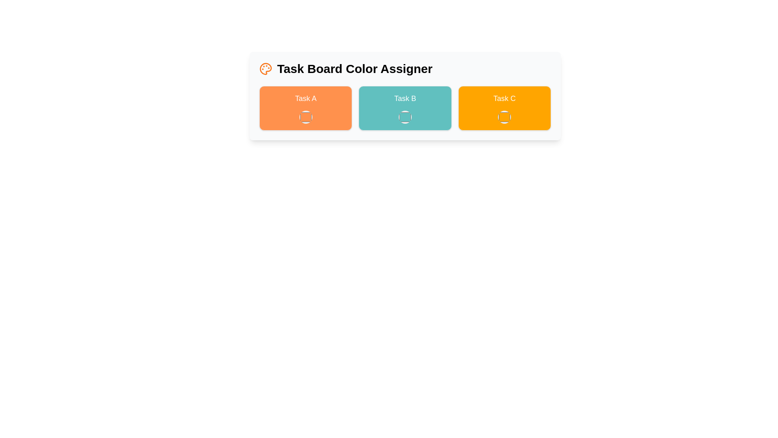  I want to click on the static text label displaying 'Task B' which is centrally aligned in a turquoise rectangular background, so click(405, 98).